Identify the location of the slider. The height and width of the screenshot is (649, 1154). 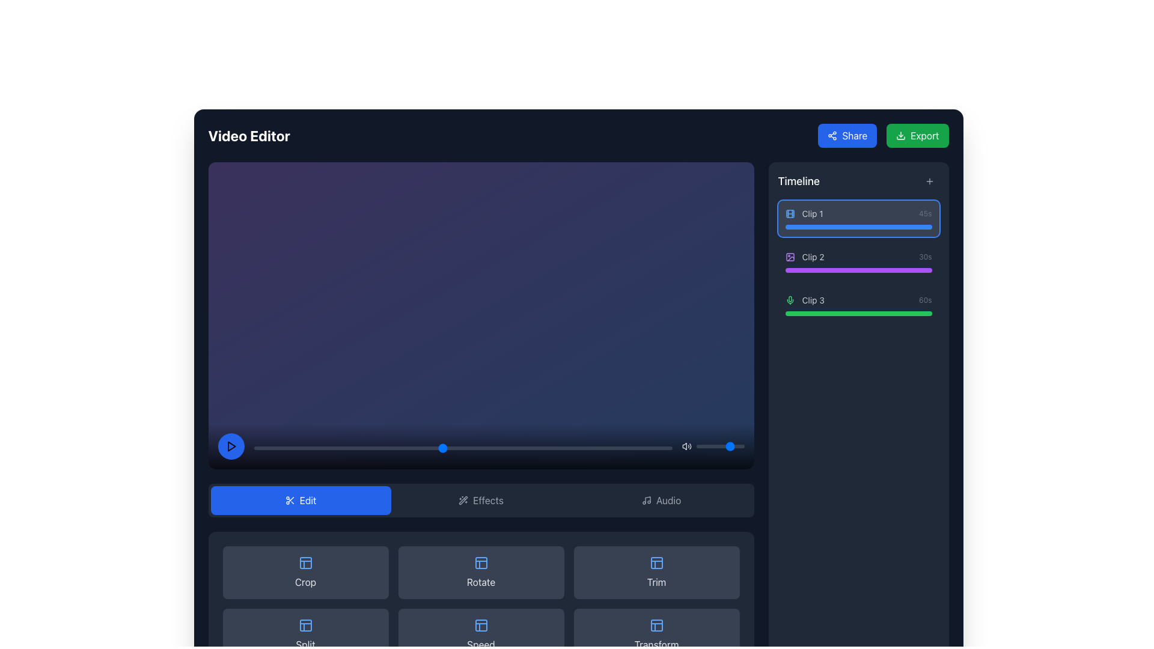
(721, 446).